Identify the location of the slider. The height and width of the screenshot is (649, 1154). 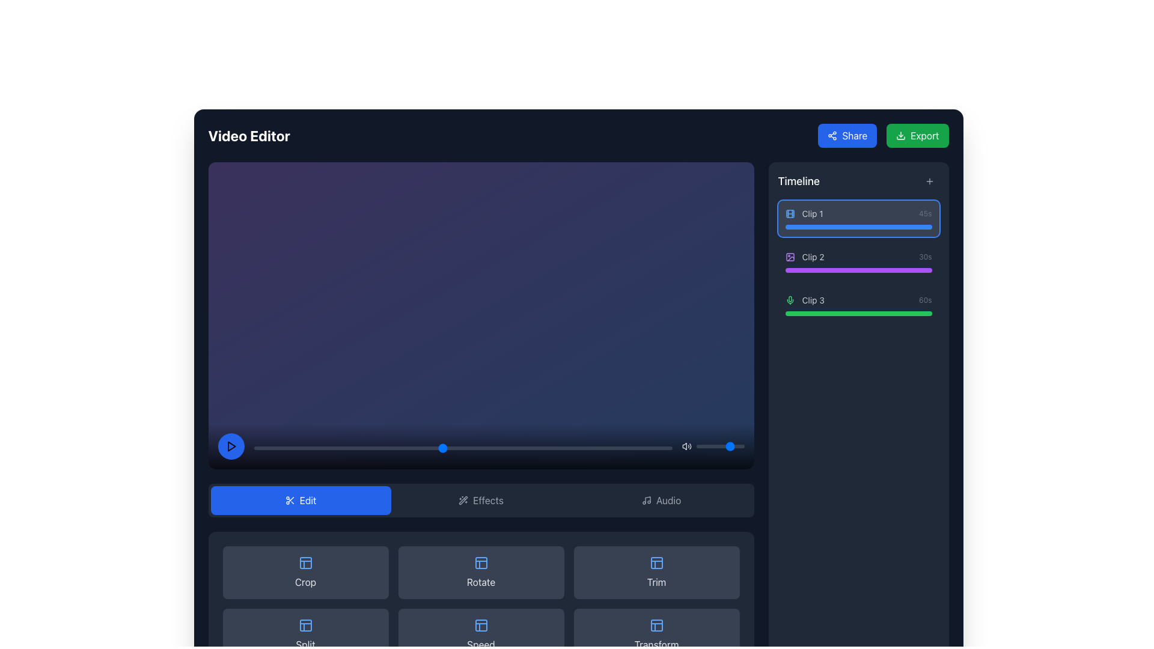
(721, 446).